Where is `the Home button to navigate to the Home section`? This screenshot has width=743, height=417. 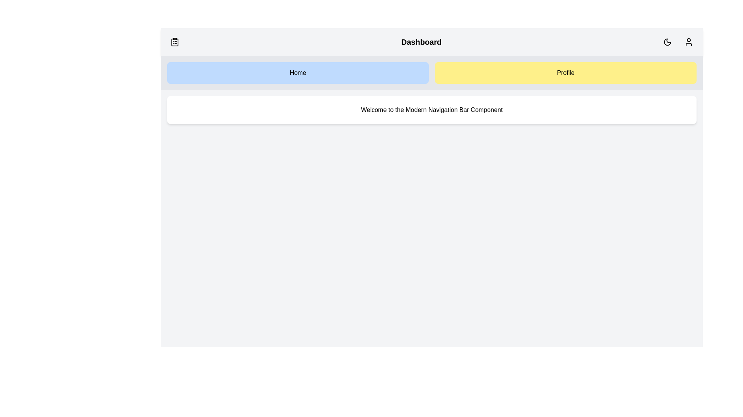
the Home button to navigate to the Home section is located at coordinates (297, 73).